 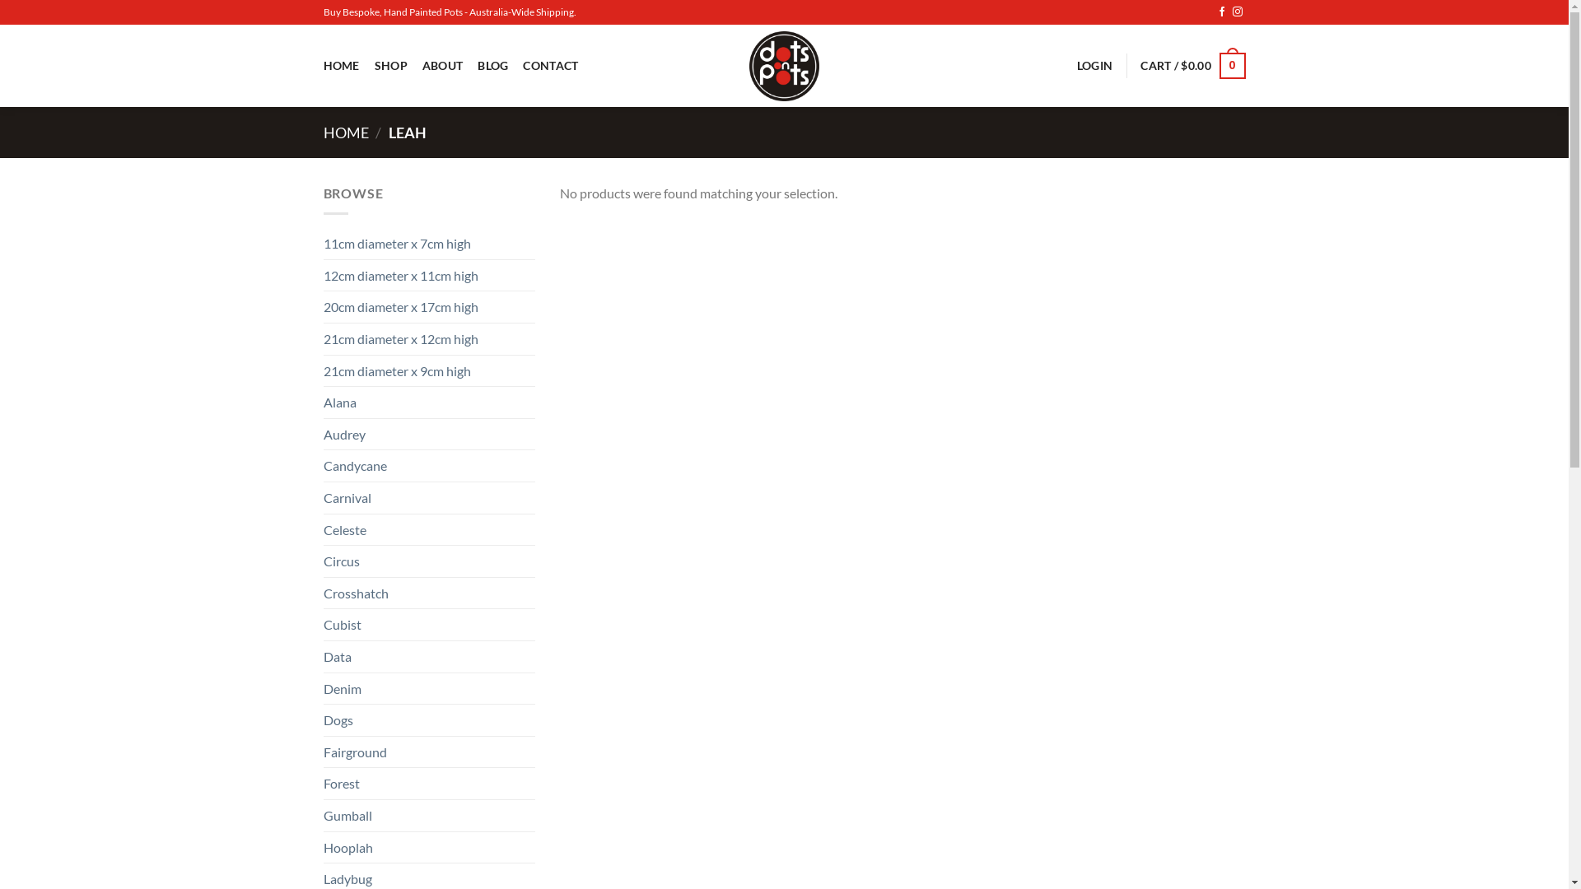 I want to click on 'Carnival', so click(x=429, y=497).